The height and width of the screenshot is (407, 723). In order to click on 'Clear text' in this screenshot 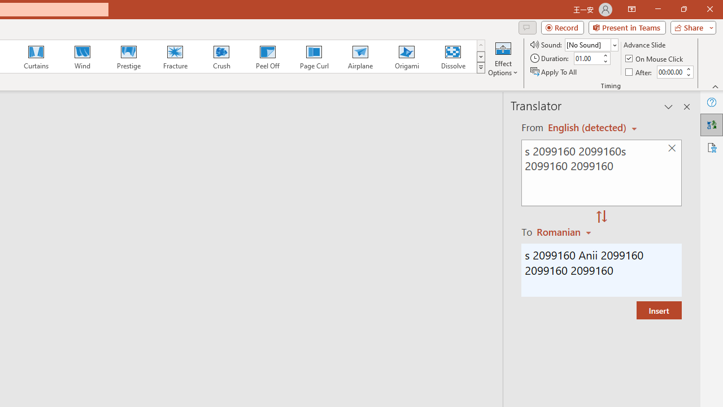, I will do `click(672, 148)`.